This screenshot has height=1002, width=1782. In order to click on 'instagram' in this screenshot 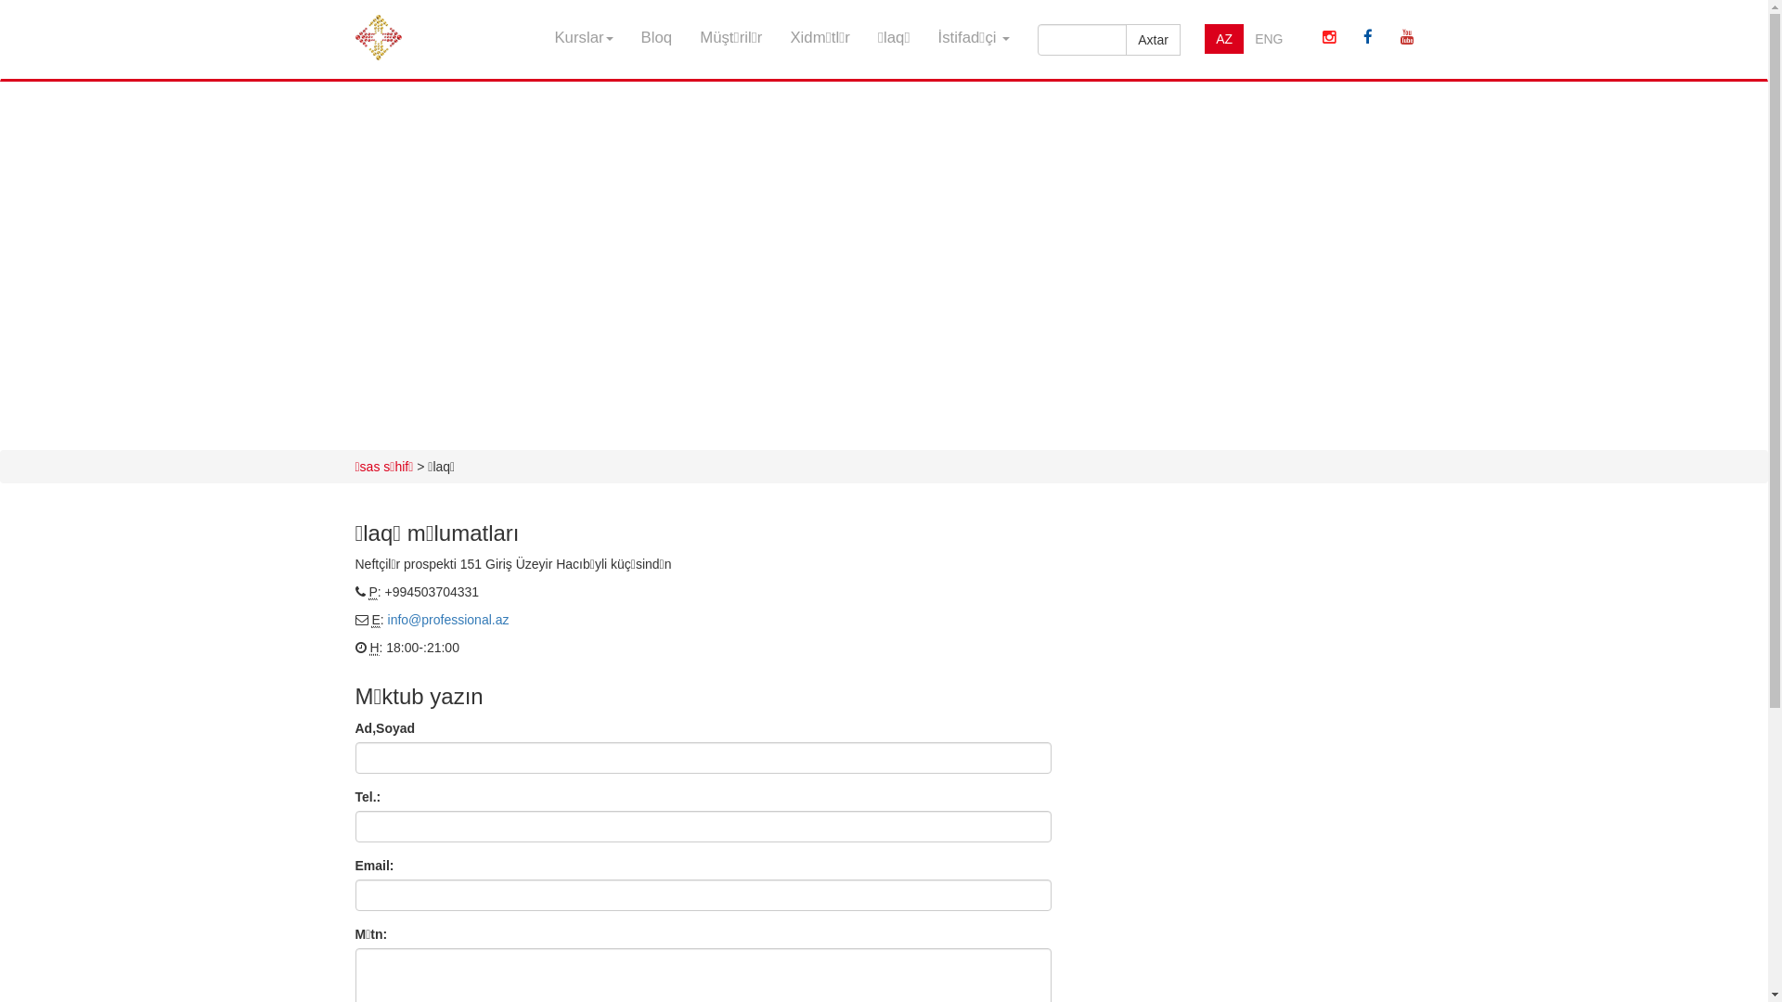, I will do `click(1327, 38)`.